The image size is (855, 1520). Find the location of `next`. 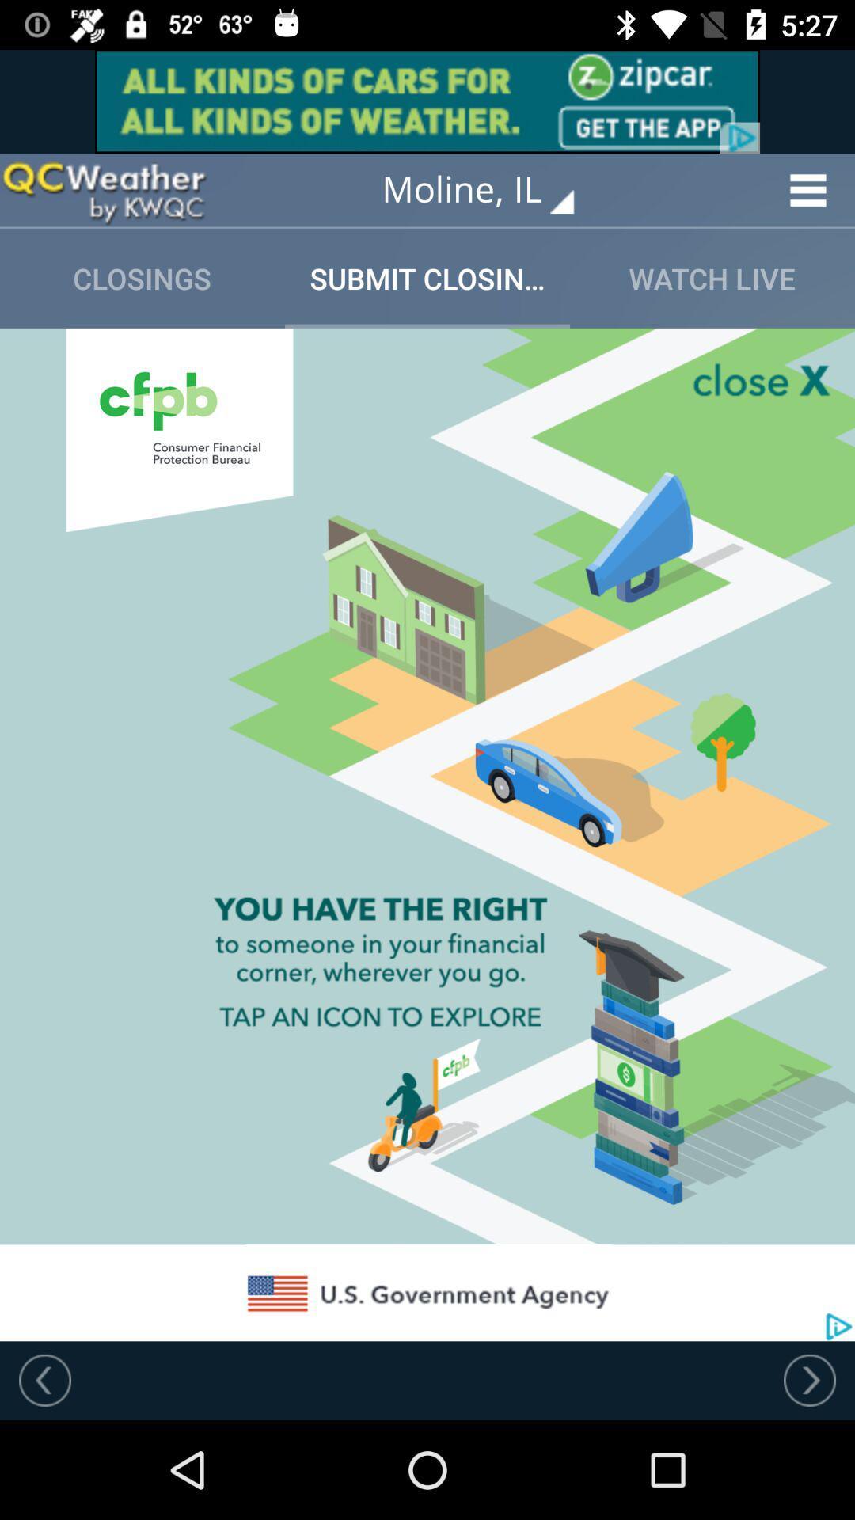

next is located at coordinates (809, 1379).